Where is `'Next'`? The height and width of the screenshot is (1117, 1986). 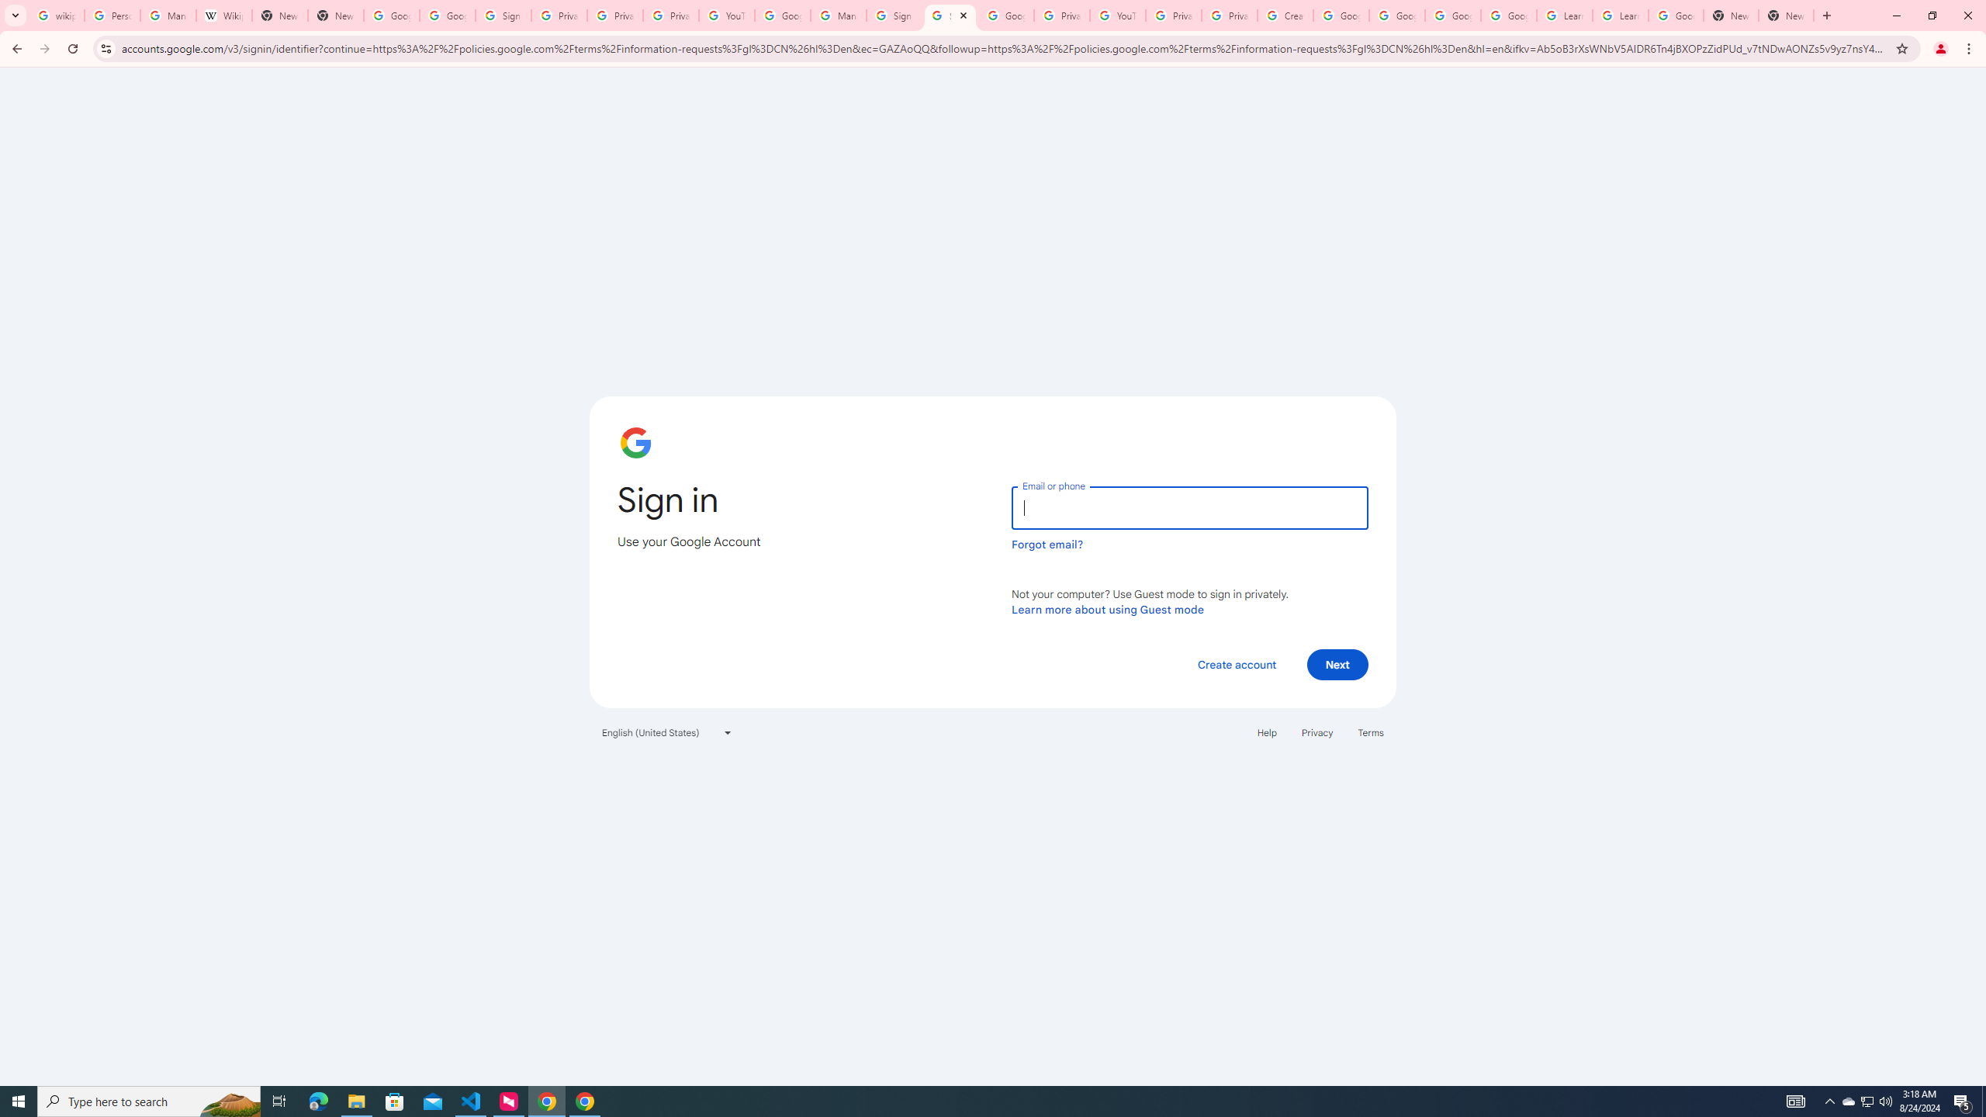 'Next' is located at coordinates (1337, 663).